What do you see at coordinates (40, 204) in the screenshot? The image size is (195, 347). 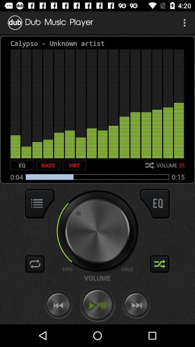 I see `the menu bar` at bounding box center [40, 204].